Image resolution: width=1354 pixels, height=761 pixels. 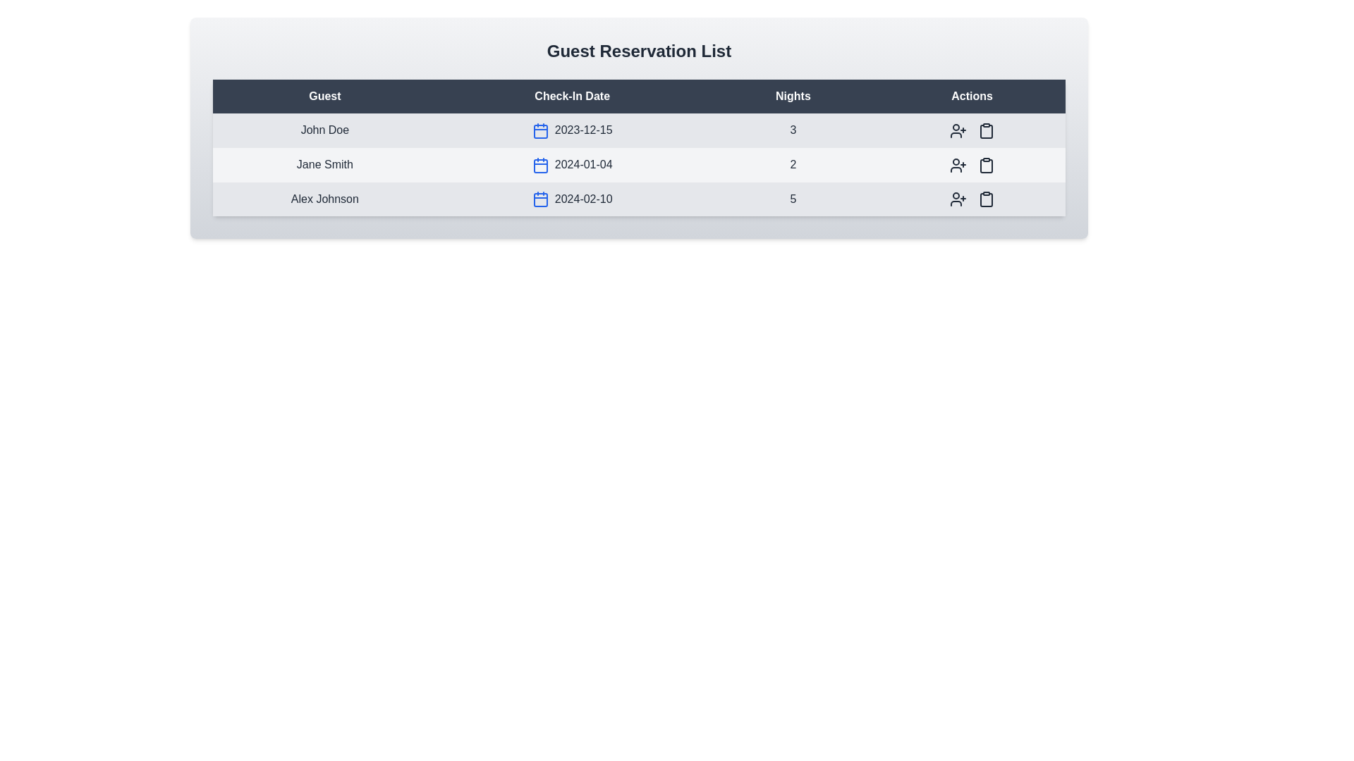 I want to click on the Text label displaying the name of the guest in the second row of the reservations table under the 'Guest' column, so click(x=324, y=164).